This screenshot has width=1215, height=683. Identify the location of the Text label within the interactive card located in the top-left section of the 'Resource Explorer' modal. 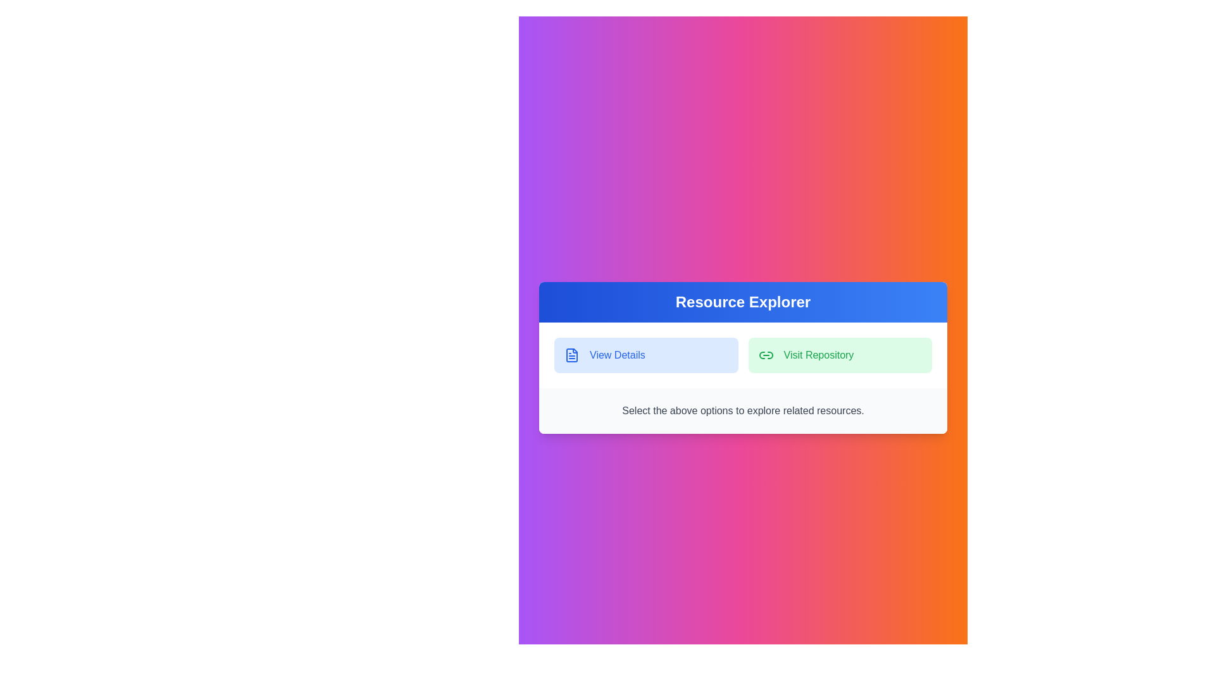
(617, 355).